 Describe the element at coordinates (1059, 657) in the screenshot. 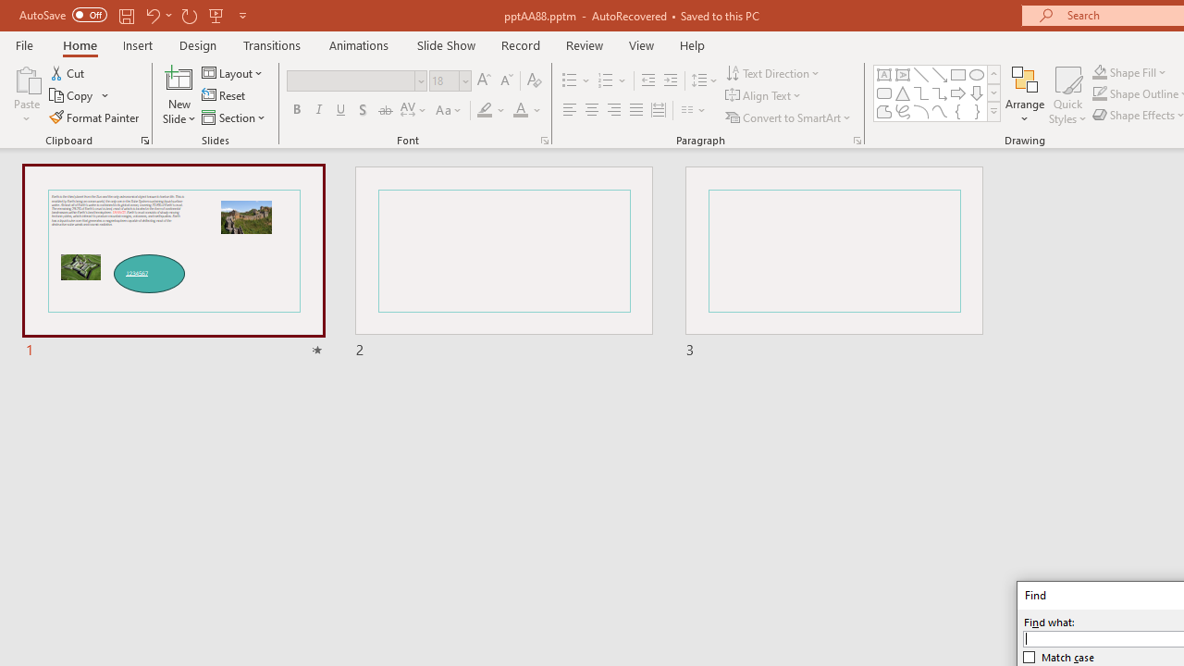

I see `'Match case'` at that location.